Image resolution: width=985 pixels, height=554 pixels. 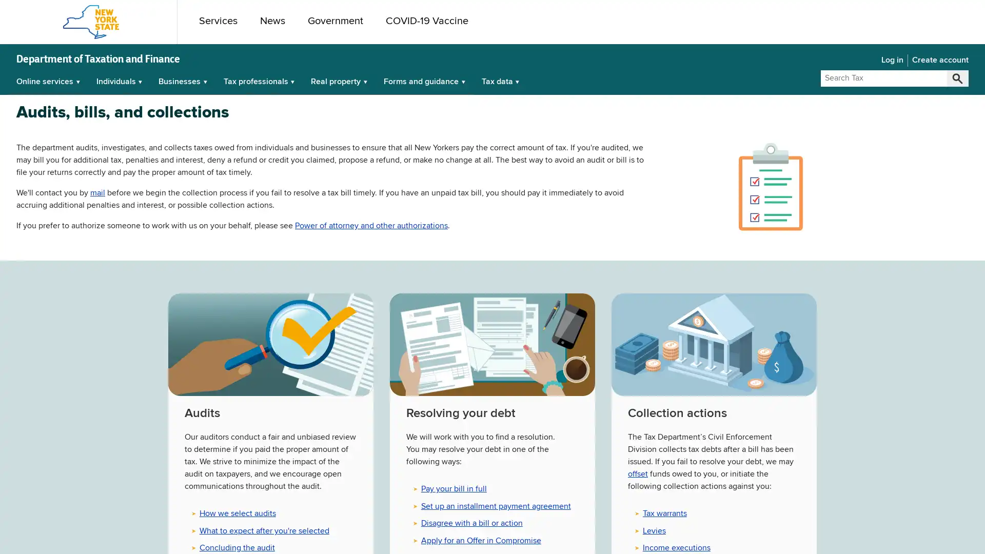 What do you see at coordinates (957, 78) in the screenshot?
I see `Search Tax` at bounding box center [957, 78].